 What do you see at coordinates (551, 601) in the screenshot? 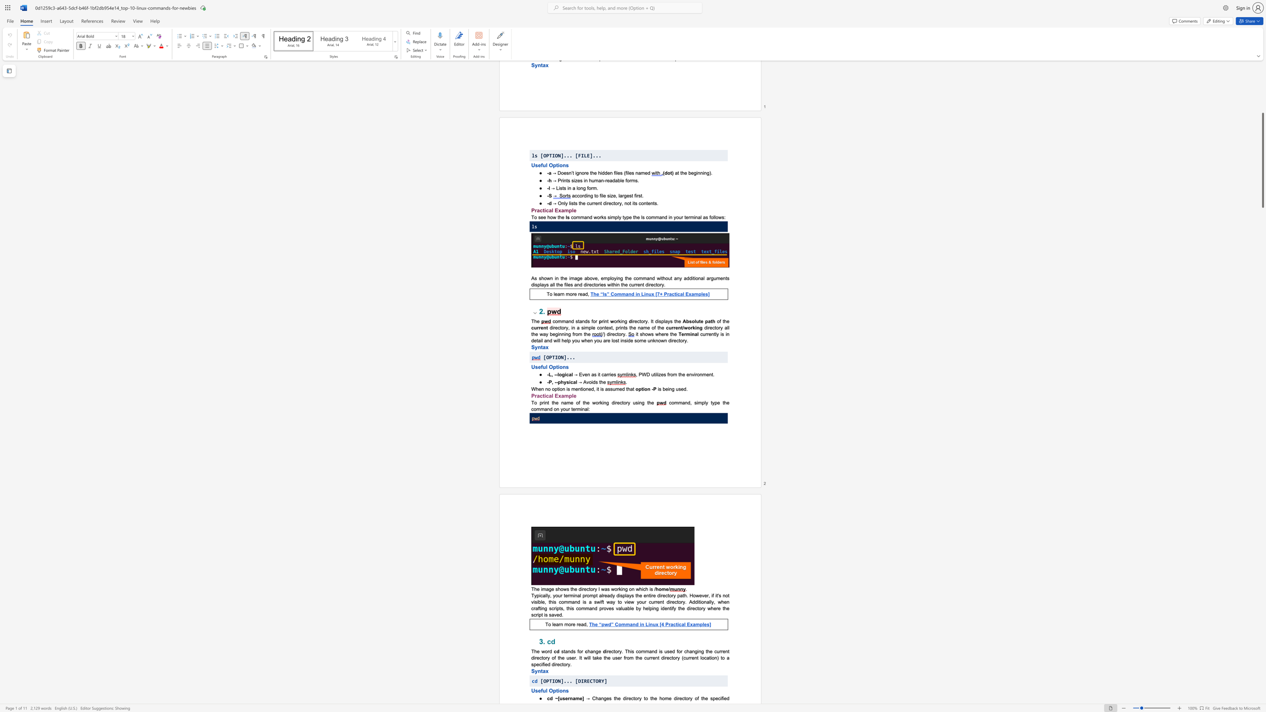
I see `the 1th character "h" in the text` at bounding box center [551, 601].